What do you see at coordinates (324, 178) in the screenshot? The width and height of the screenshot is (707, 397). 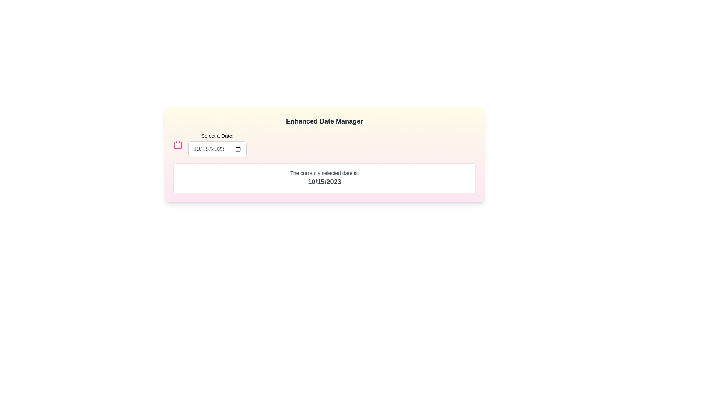 I see `the Display Box element that contains the text 'The currently selected date is:' and the date '10/15/2023', located at the bottom of the 'Enhanced Date Manager' component` at bounding box center [324, 178].